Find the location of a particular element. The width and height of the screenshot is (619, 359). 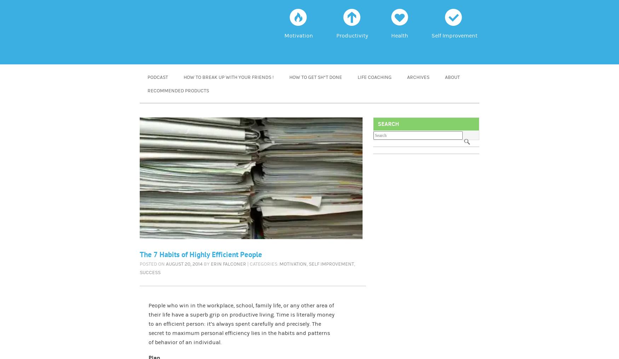

'The 7 Habits of Highly Efficient People' is located at coordinates (201, 255).